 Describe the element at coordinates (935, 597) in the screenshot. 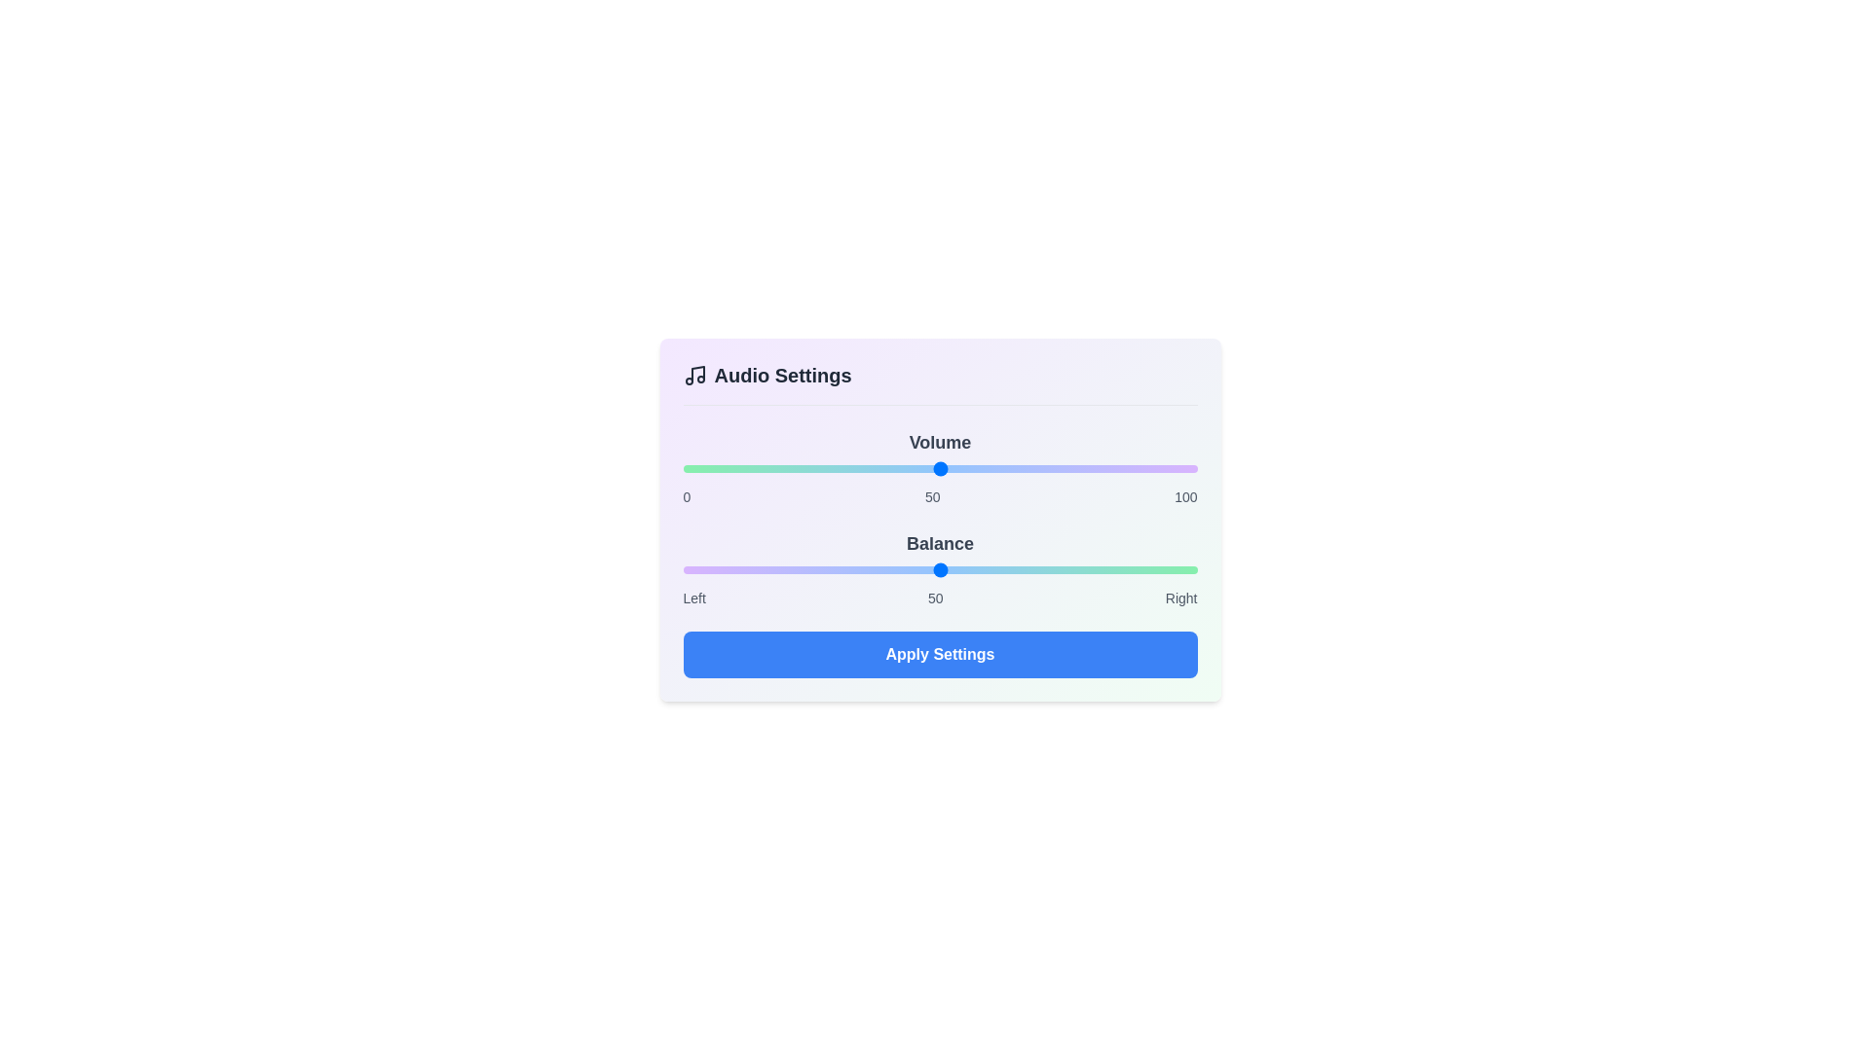

I see `numeric value displayed on the text label '50', which is centrally aligned under the 'Balance' label in the audio settings interface` at that location.